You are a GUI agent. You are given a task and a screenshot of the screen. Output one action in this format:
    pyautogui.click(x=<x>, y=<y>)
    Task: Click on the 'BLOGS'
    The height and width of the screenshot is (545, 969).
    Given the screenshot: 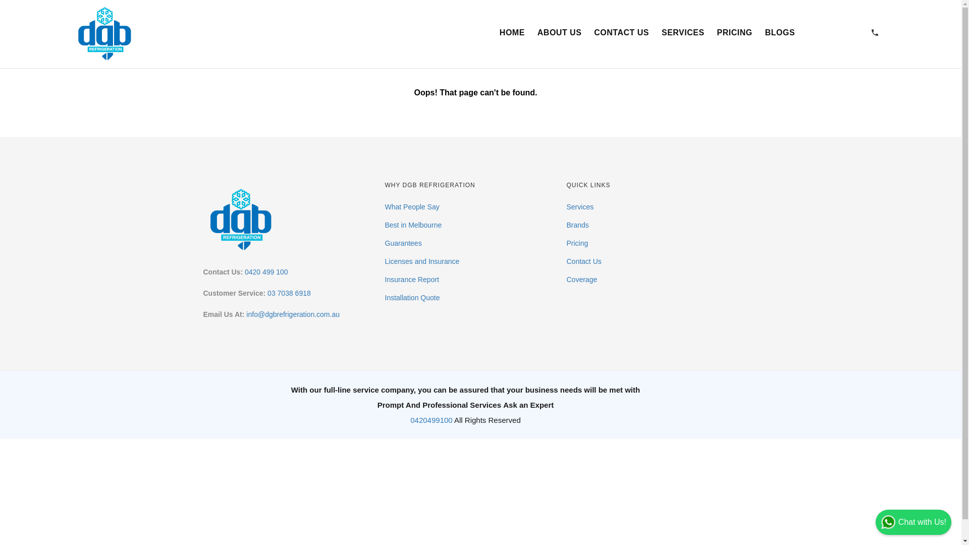 What is the action you would take?
    pyautogui.click(x=779, y=32)
    